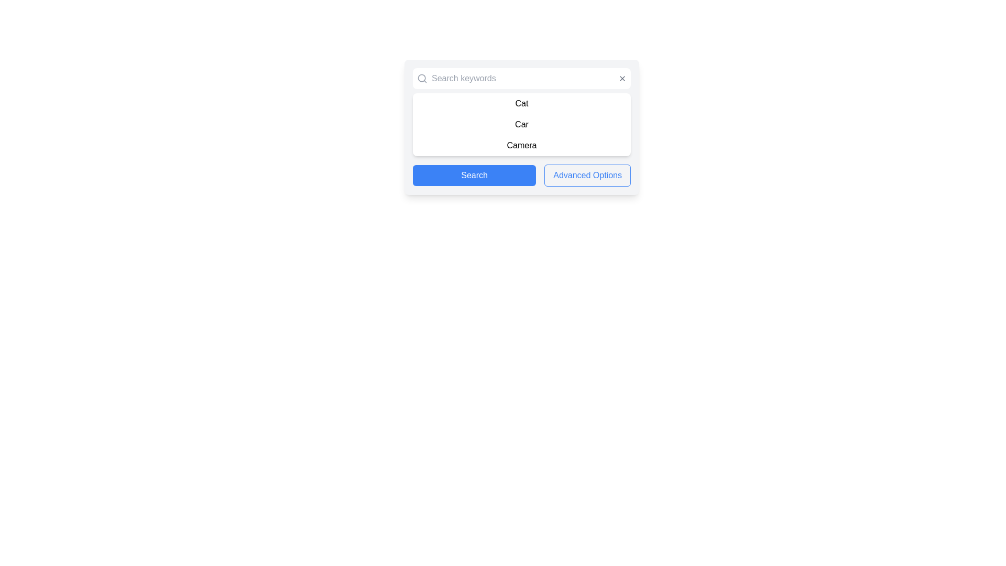 Image resolution: width=1006 pixels, height=566 pixels. I want to click on the second item in the dropdown menu labeled 'Car', so click(522, 124).